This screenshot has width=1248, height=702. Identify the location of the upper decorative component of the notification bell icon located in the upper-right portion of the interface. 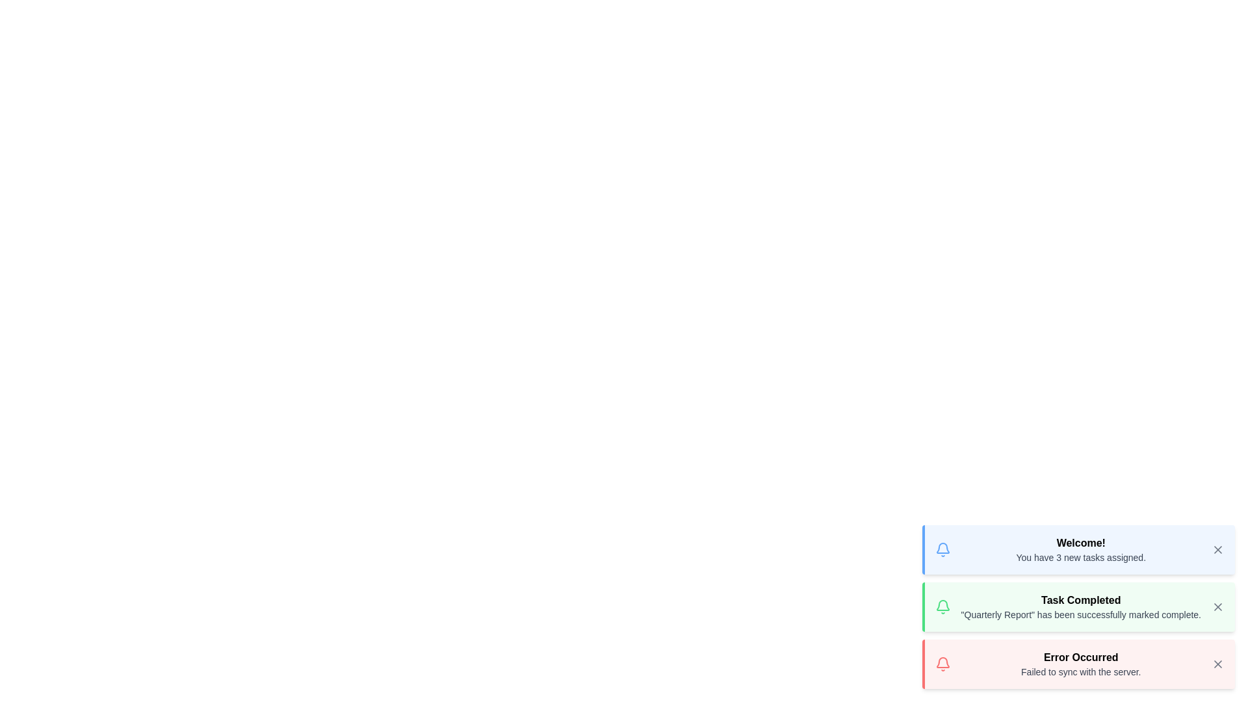
(942, 548).